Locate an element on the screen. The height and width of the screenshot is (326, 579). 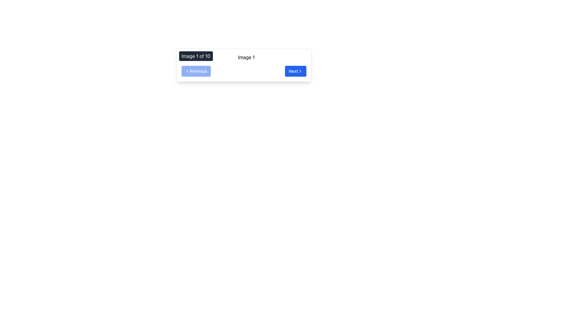
the blue 'Next' button with a forward arrow icon to proceed to the next page is located at coordinates (296, 71).